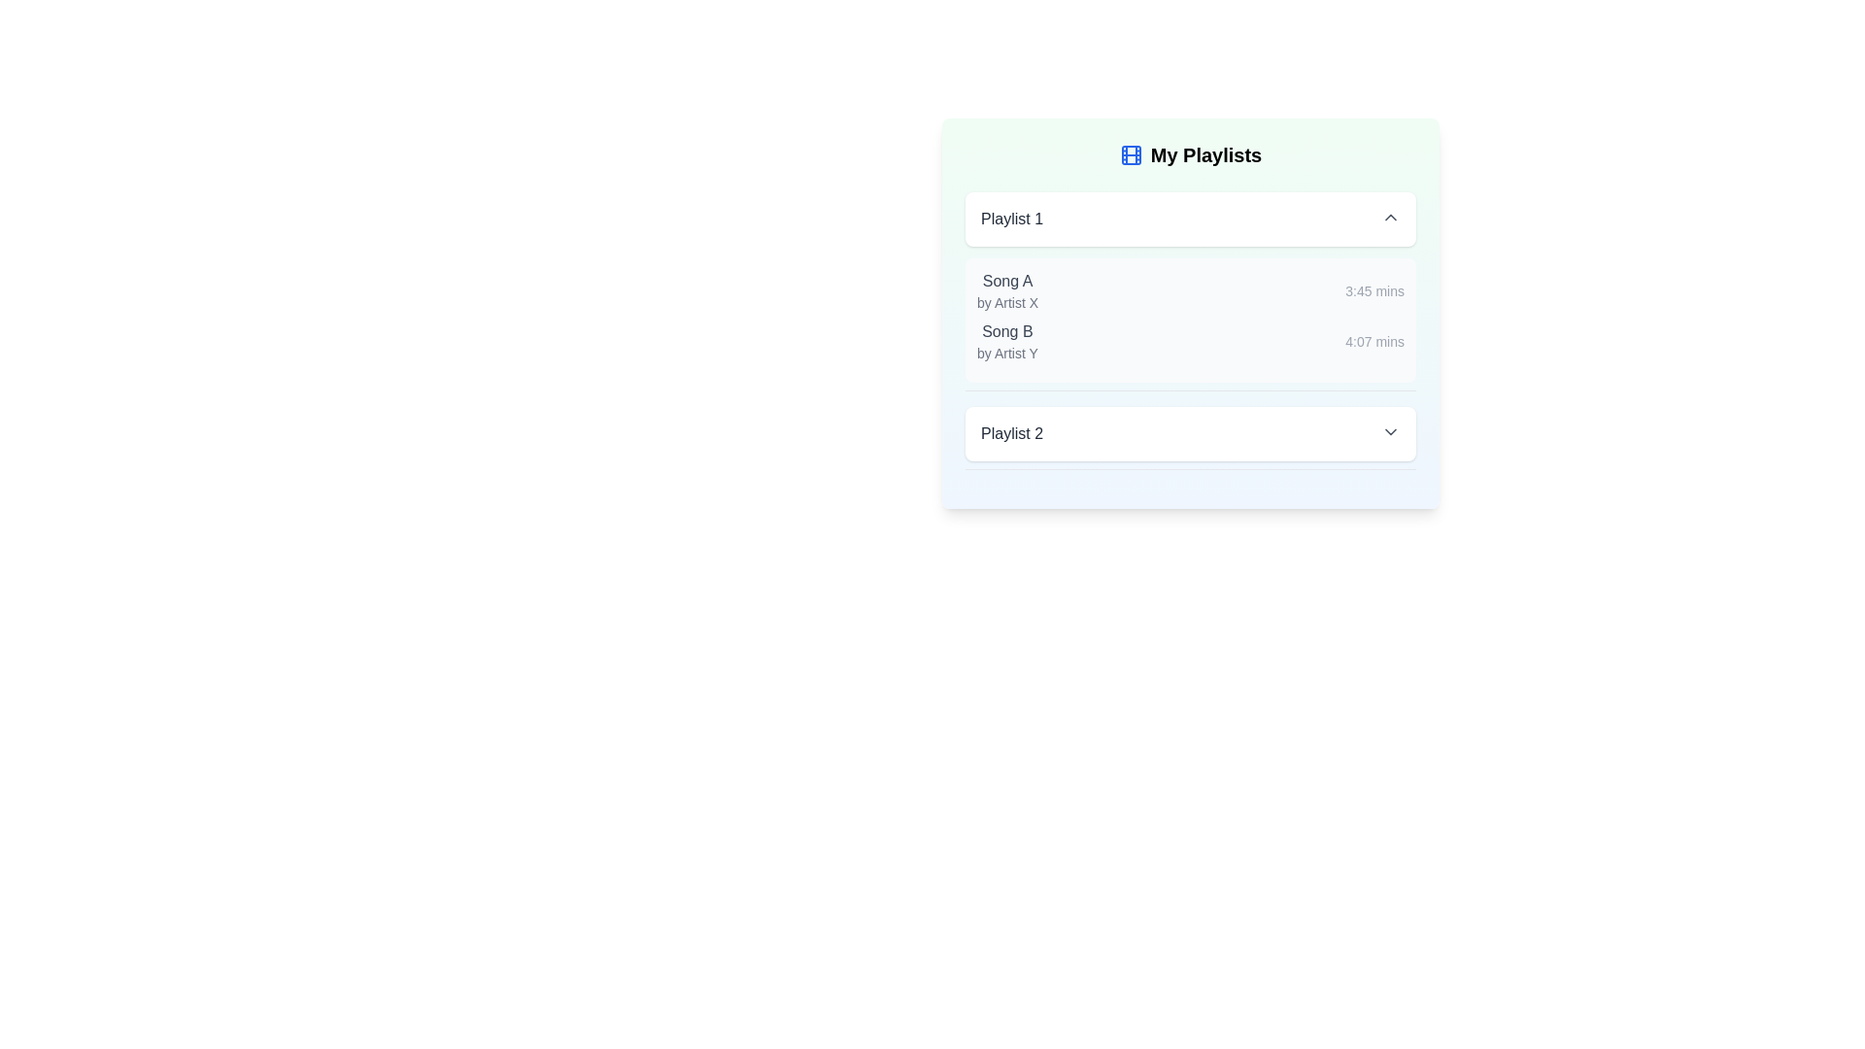 This screenshot has width=1865, height=1049. What do you see at coordinates (1389, 430) in the screenshot?
I see `the downward-pointing chevron SVG icon, which has a black outline and is located to the right of the text label 'Playlist 2'` at bounding box center [1389, 430].